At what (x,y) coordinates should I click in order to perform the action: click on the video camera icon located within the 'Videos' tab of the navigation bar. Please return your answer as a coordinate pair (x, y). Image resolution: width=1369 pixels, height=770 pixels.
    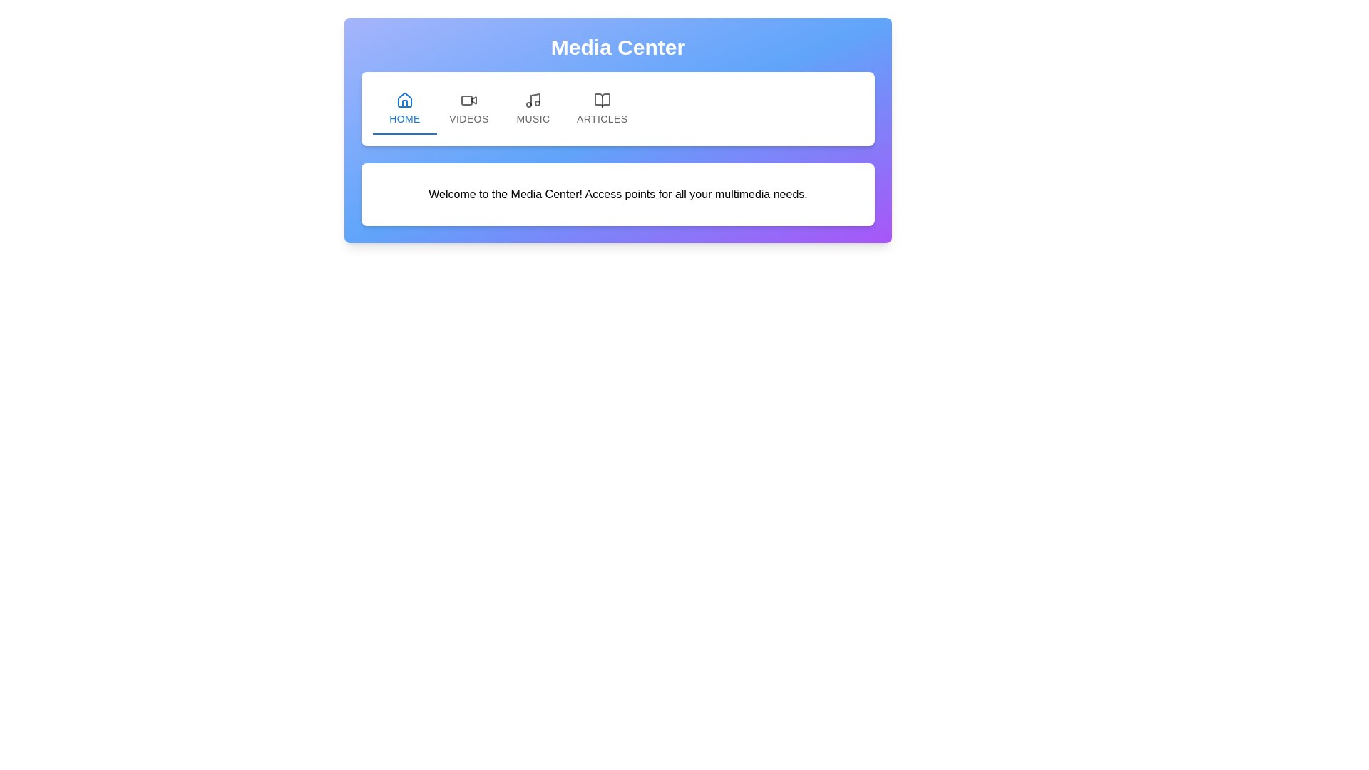
    Looking at the image, I should click on (468, 100).